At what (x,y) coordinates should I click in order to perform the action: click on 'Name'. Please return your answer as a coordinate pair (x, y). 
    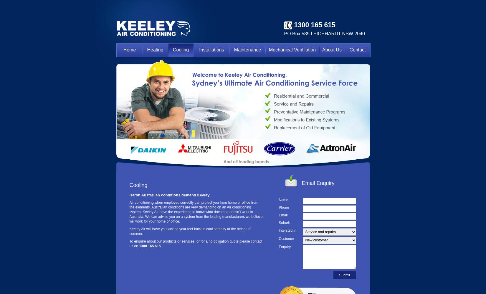
    Looking at the image, I should click on (283, 200).